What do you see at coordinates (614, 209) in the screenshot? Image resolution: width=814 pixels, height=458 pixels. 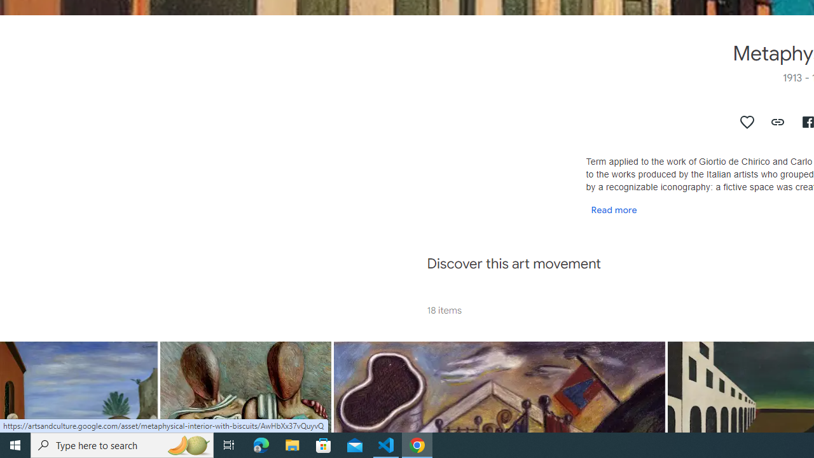 I see `'Read more'` at bounding box center [614, 209].